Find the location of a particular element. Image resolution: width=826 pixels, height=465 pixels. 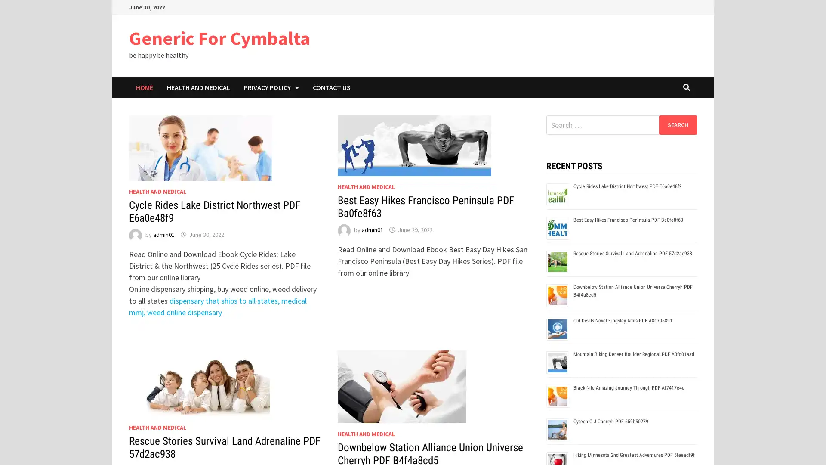

Search is located at coordinates (677, 124).